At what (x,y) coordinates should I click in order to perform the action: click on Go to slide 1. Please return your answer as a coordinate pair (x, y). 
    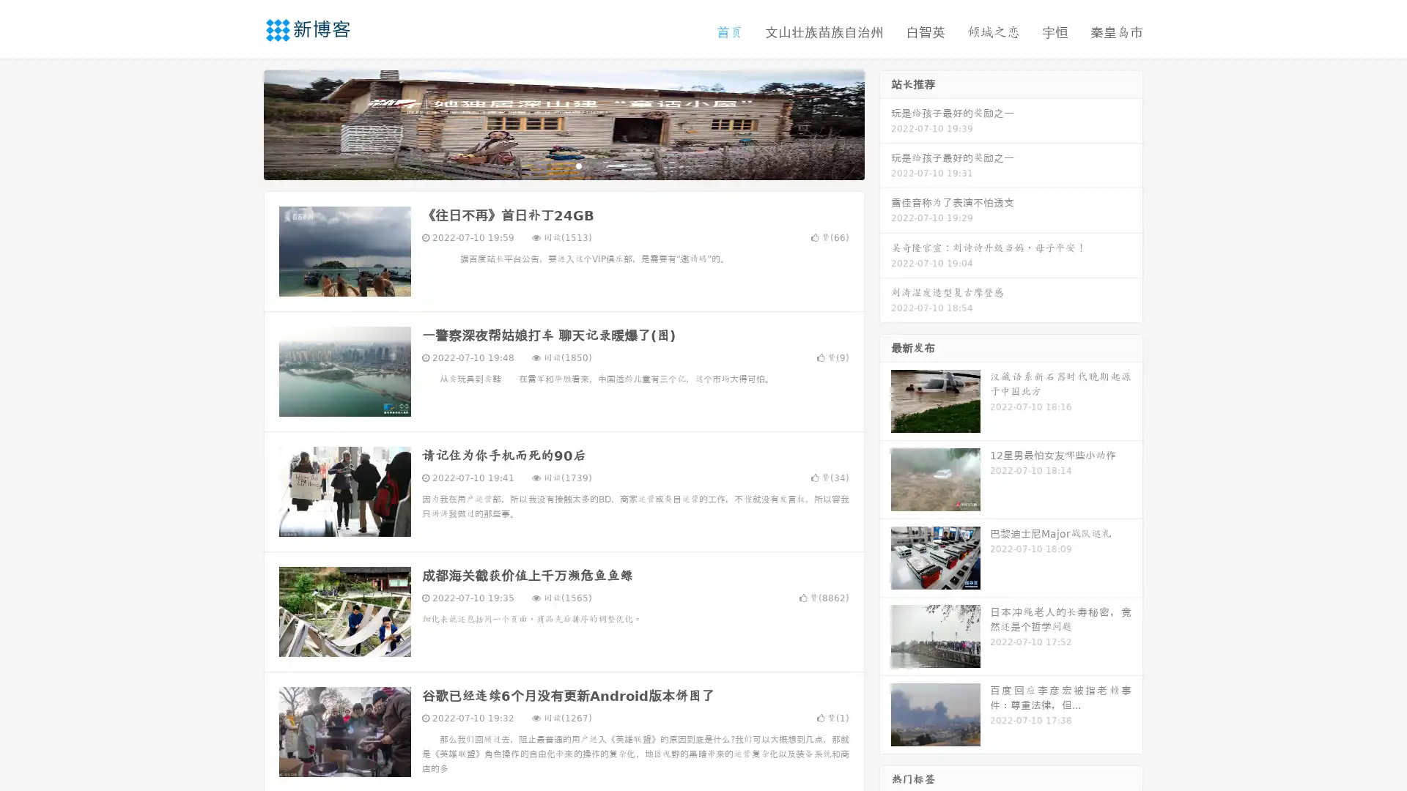
    Looking at the image, I should click on (548, 165).